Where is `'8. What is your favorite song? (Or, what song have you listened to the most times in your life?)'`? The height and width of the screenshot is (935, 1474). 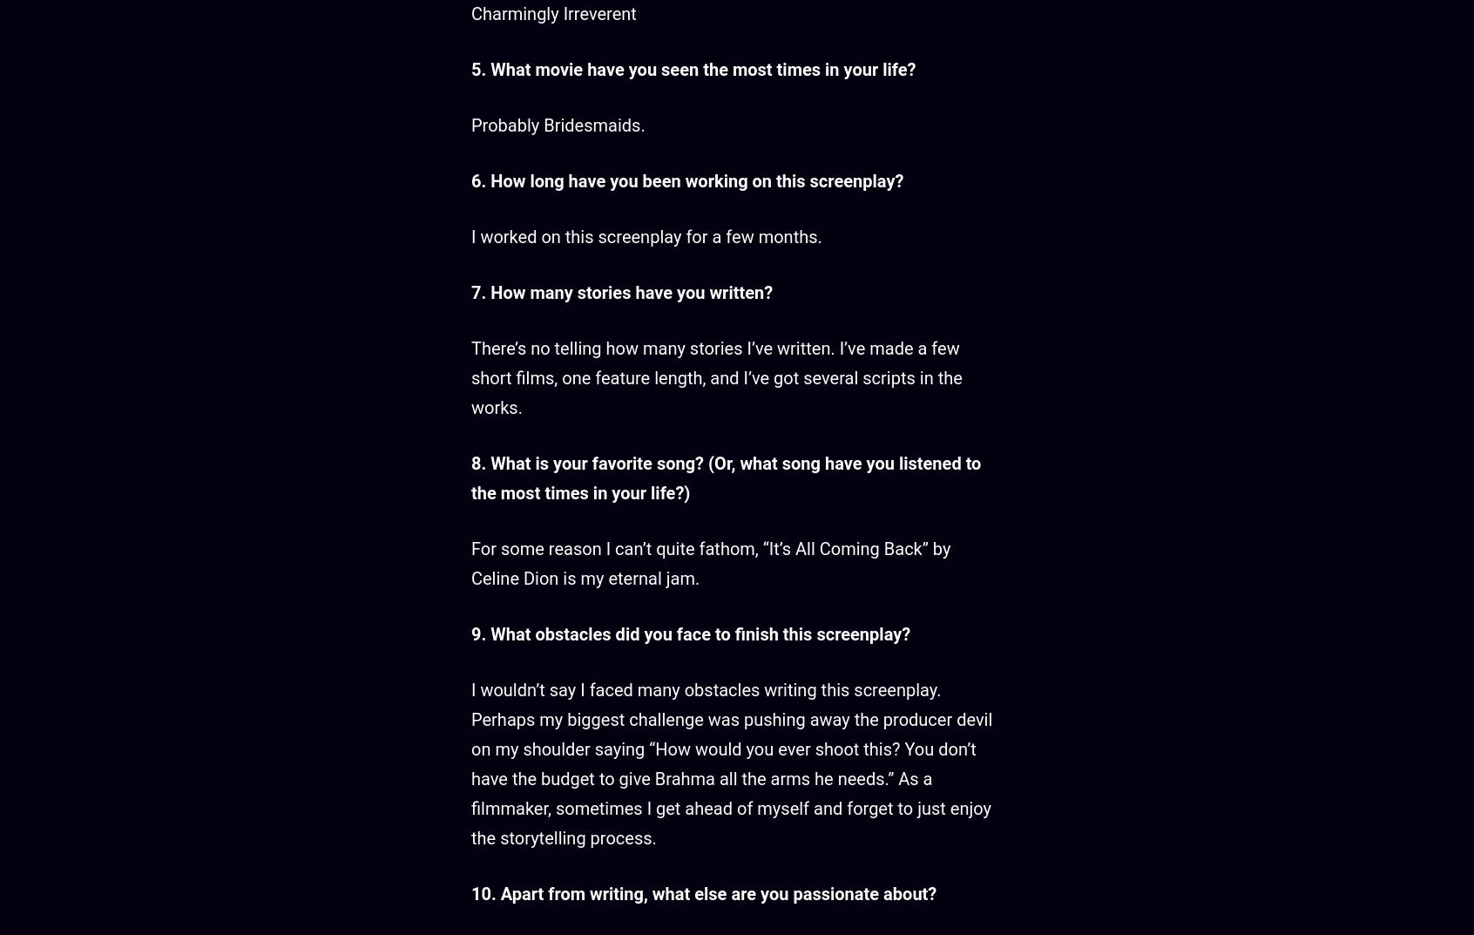
'8. What is your favorite song? (Or, what song have you listened to the most times in your life?)' is located at coordinates (726, 478).